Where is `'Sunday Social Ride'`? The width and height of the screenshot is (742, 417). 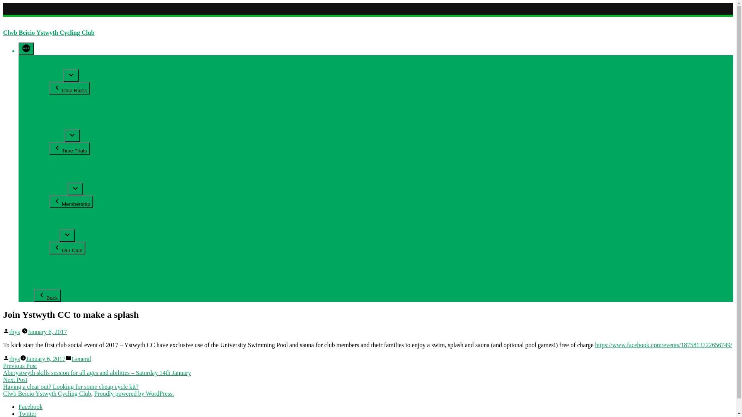 'Sunday Social Ride' is located at coordinates (75, 105).